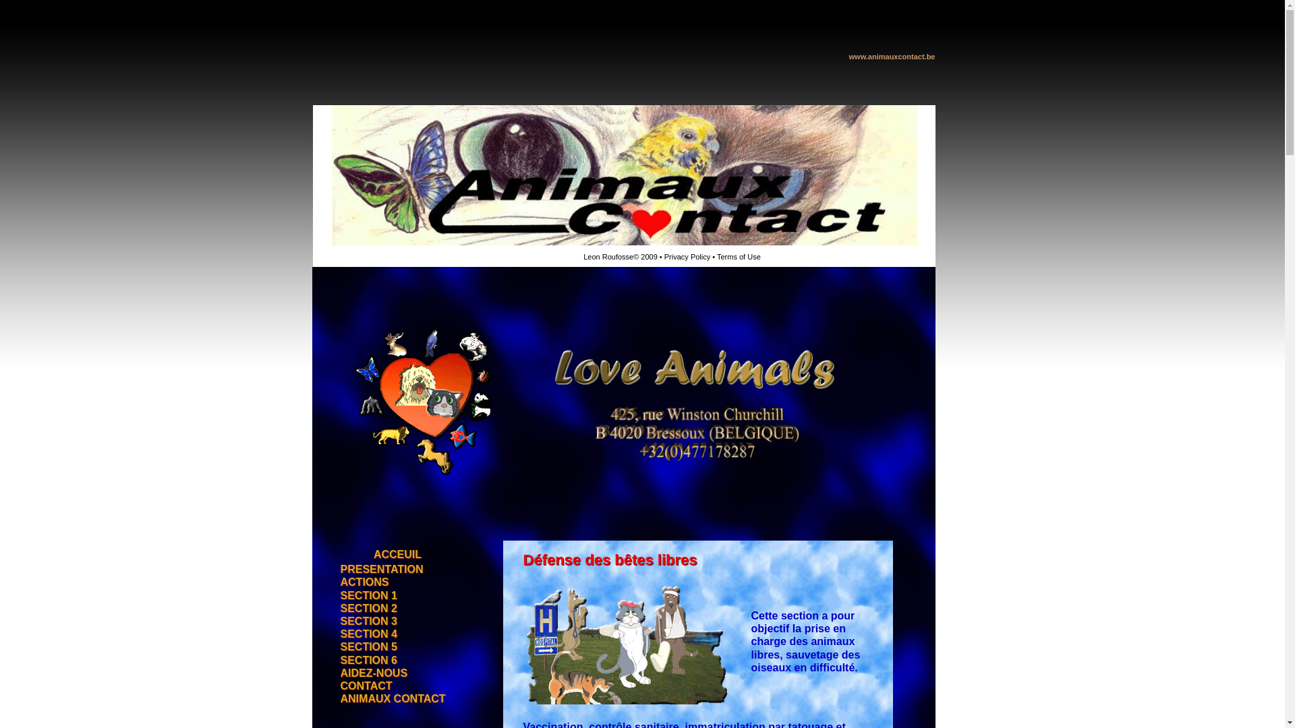  Describe the element at coordinates (368, 646) in the screenshot. I see `'SECTION 5'` at that location.